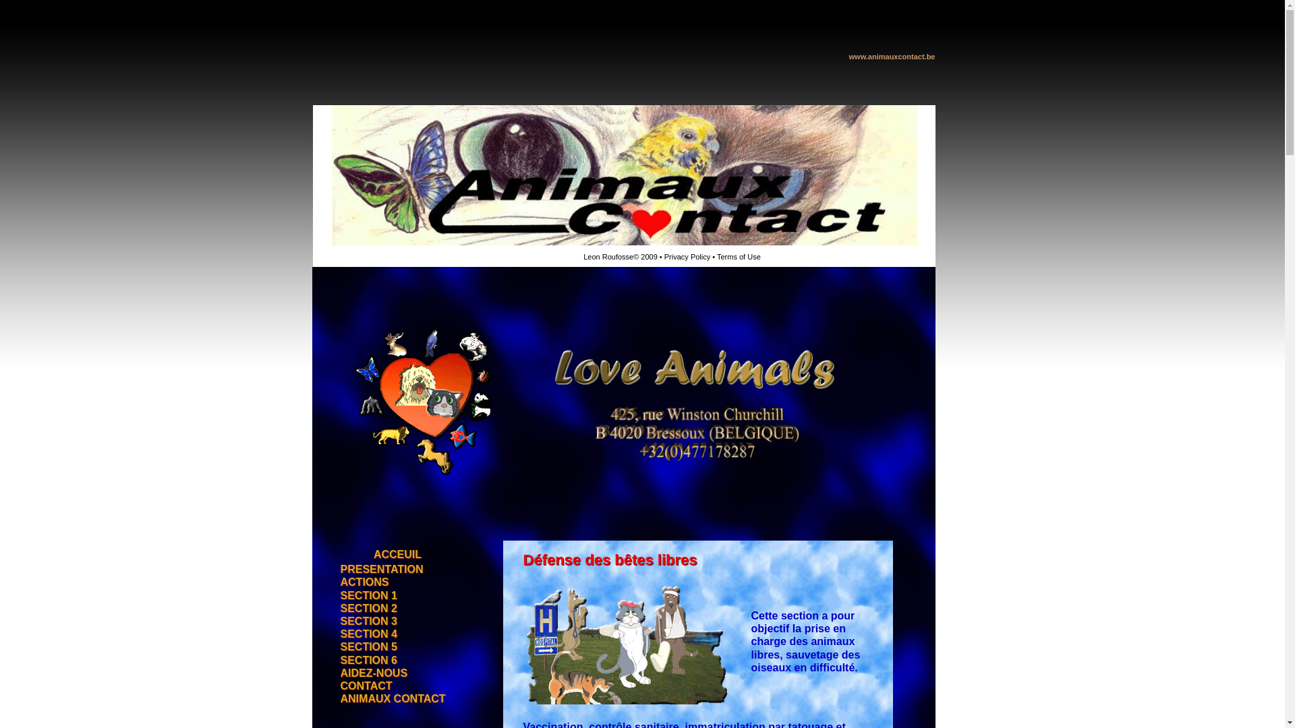  Describe the element at coordinates (368, 646) in the screenshot. I see `'SECTION 5'` at that location.